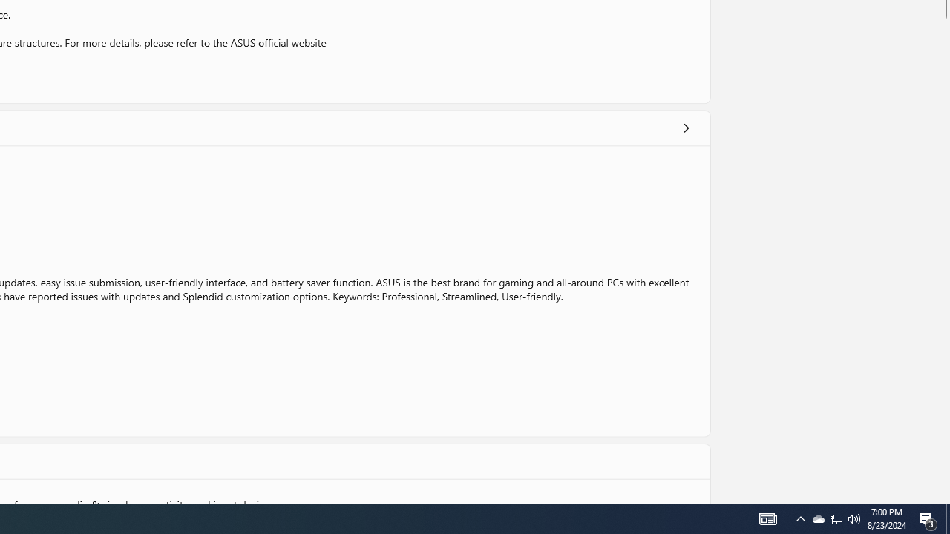  What do you see at coordinates (943, 498) in the screenshot?
I see `'Vertical Small Increase'` at bounding box center [943, 498].